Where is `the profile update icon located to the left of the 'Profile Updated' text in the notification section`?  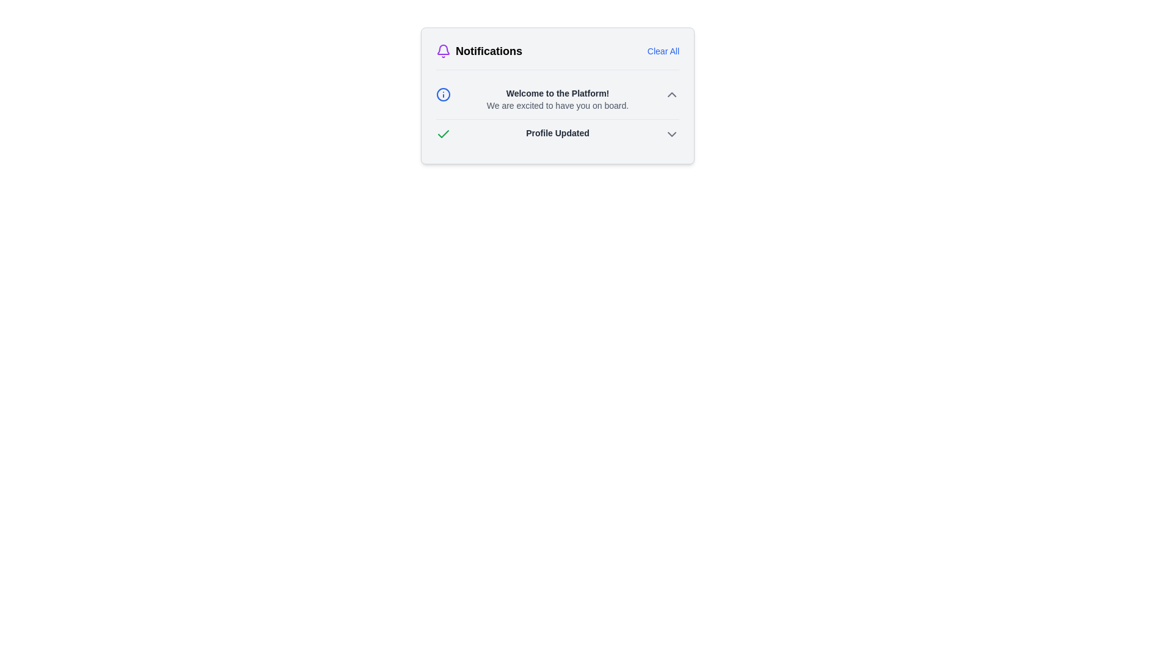 the profile update icon located to the left of the 'Profile Updated' text in the notification section is located at coordinates (442, 134).